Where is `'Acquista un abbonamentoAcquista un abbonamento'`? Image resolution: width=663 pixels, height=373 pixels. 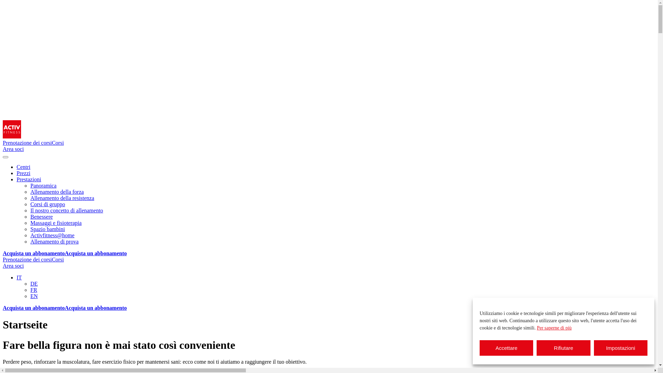
'Acquista un abbonamentoAcquista un abbonamento' is located at coordinates (65, 307).